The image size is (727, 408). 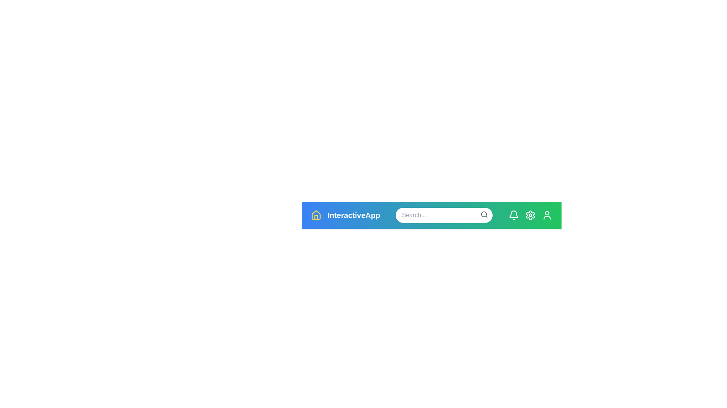 I want to click on the home icon to navigate to the home section, so click(x=316, y=215).